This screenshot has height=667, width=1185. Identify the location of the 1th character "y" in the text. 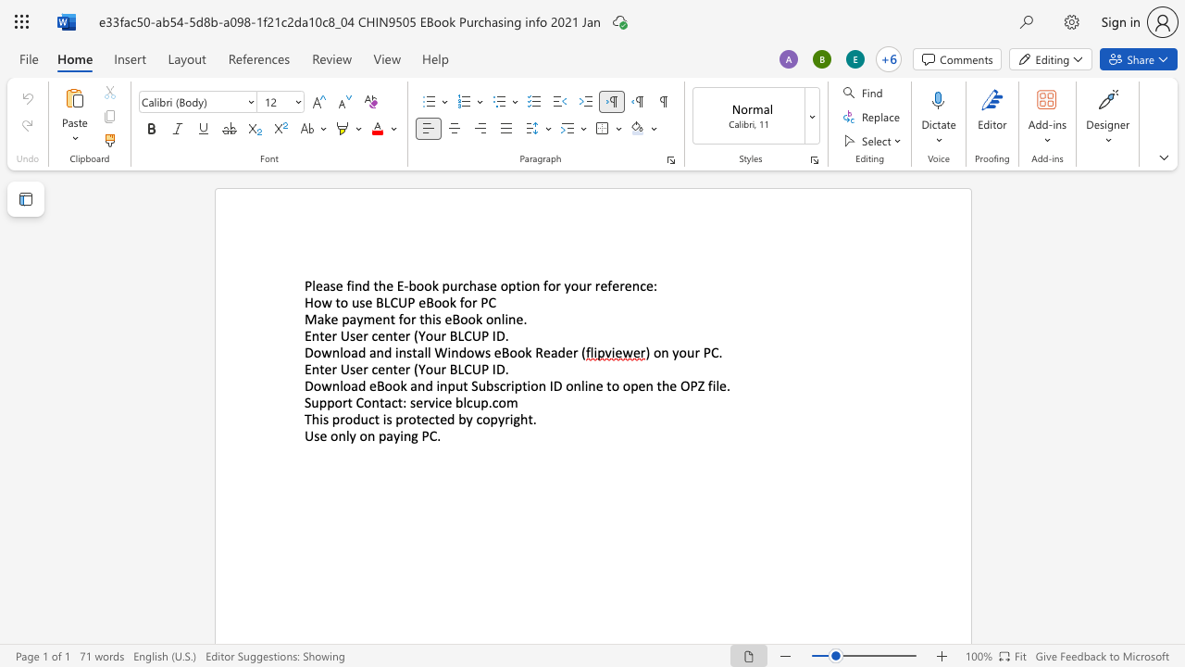
(567, 285).